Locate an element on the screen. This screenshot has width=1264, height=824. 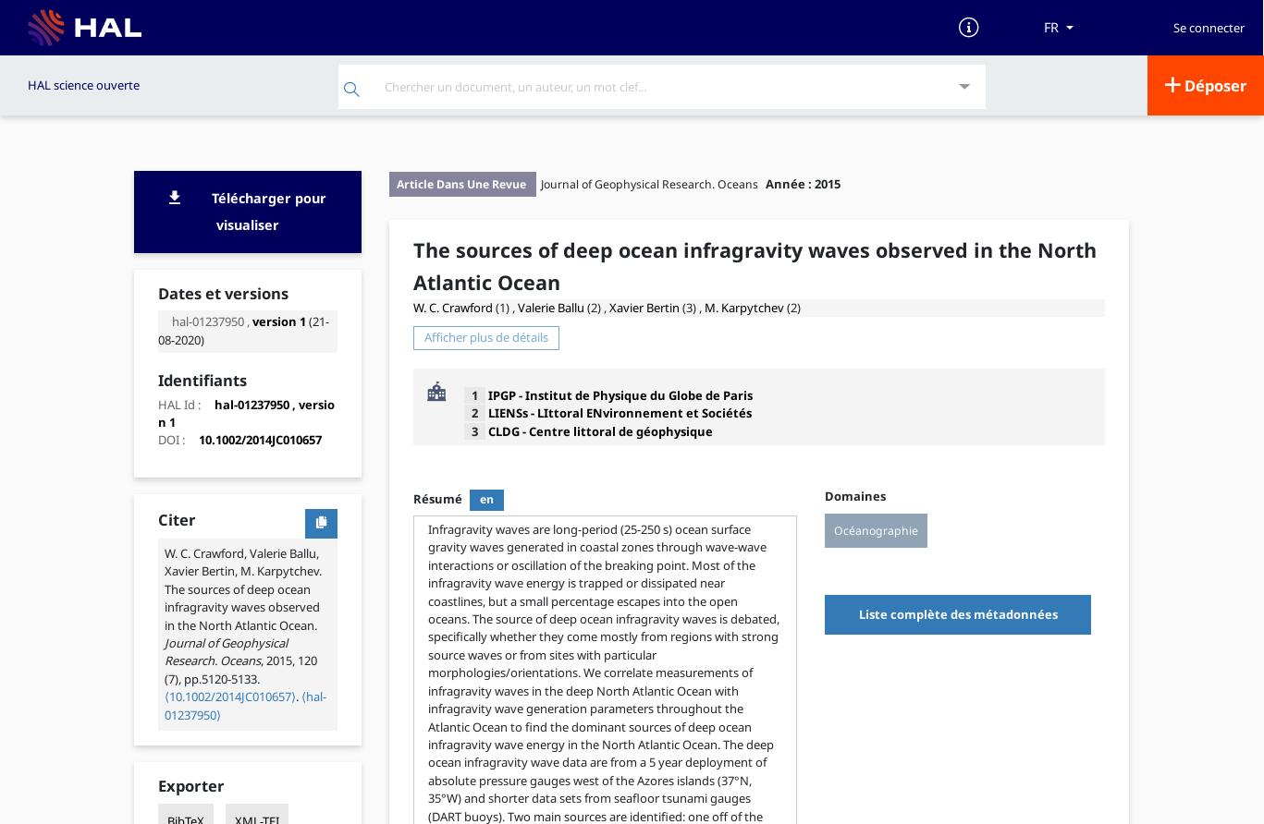
'hal-01237950 ,' is located at coordinates (209, 320).